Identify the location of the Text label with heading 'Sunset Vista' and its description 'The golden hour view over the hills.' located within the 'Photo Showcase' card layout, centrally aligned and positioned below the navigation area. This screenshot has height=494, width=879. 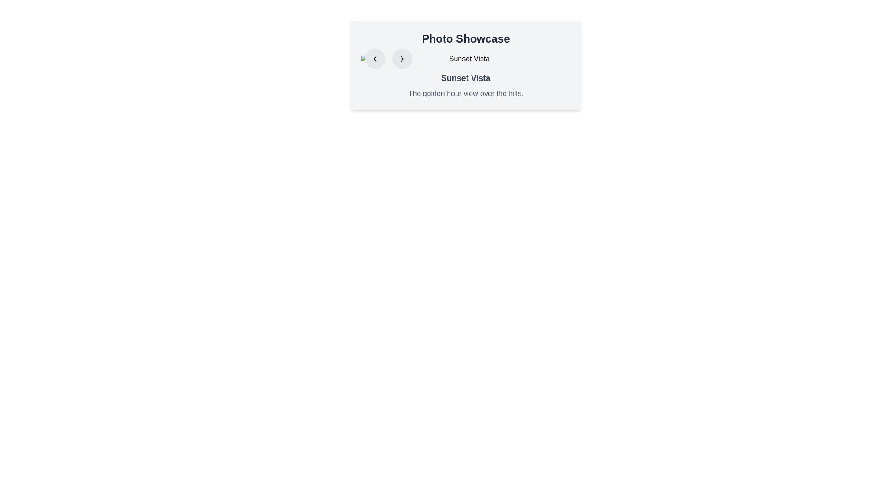
(466, 85).